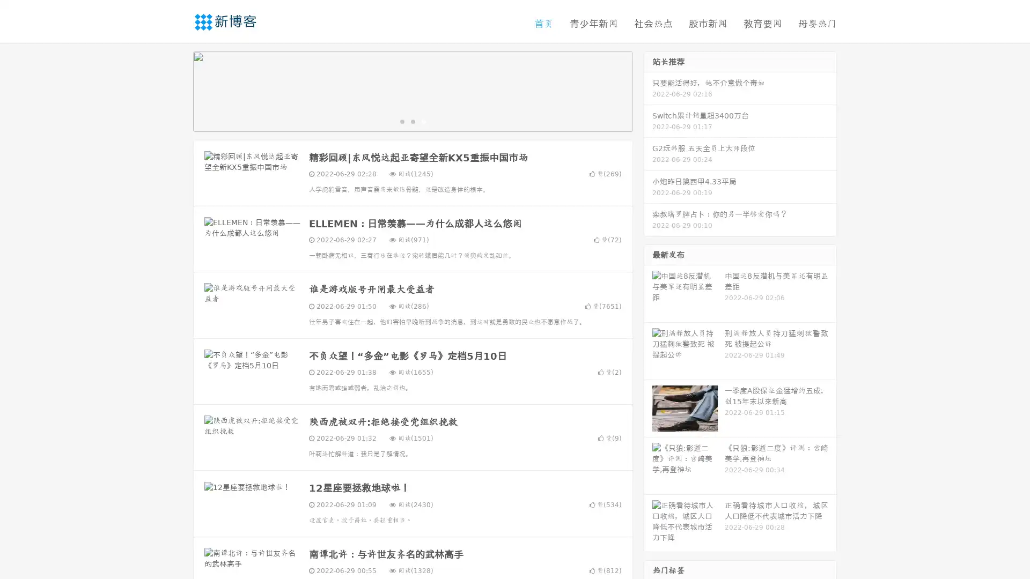  I want to click on Go to slide 1, so click(401, 121).